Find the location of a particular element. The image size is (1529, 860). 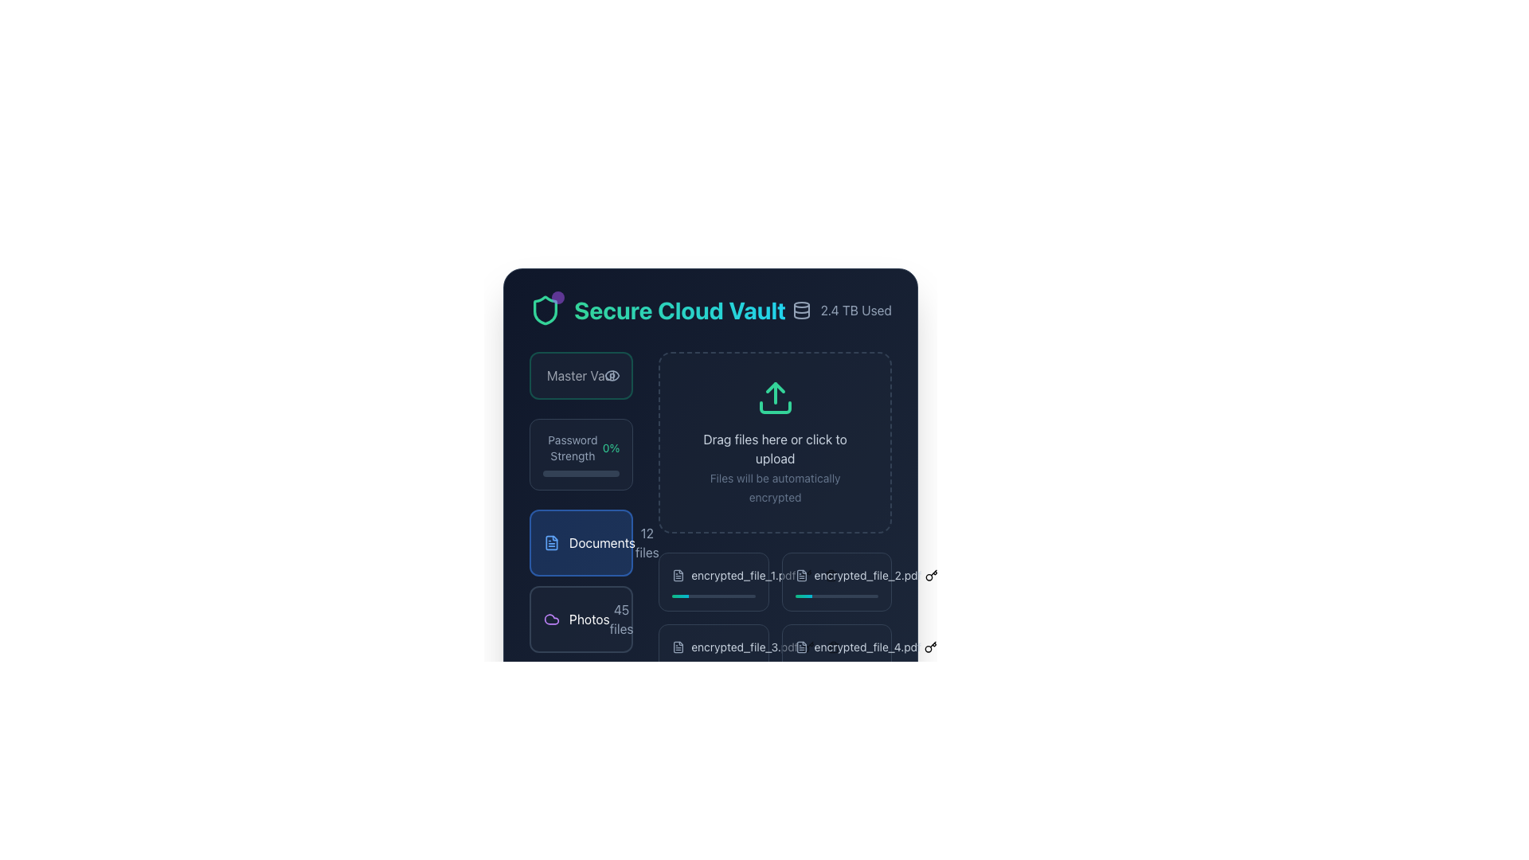

the first interactive icon (key design) located at the bottom right corner of the panel is located at coordinates (931, 647).